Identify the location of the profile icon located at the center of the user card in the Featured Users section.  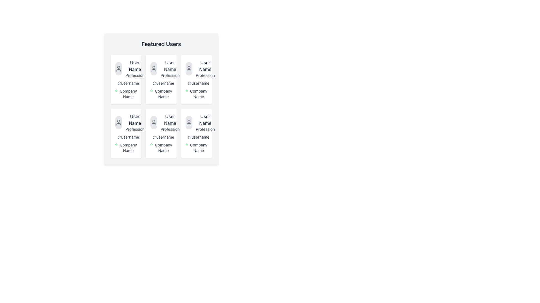
(154, 122).